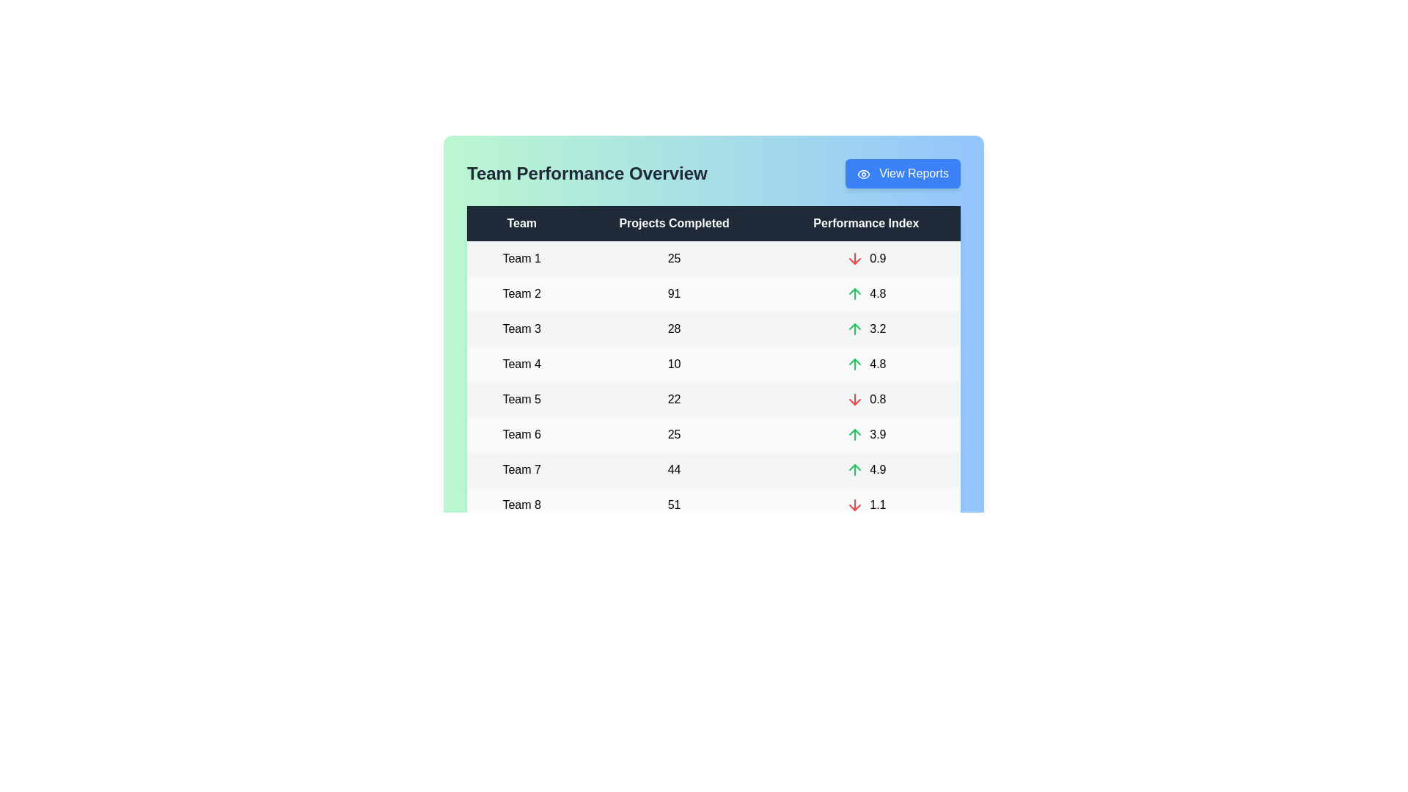  I want to click on the 'Performance Index' icon for Team 1 to understand its meaning, so click(855, 258).